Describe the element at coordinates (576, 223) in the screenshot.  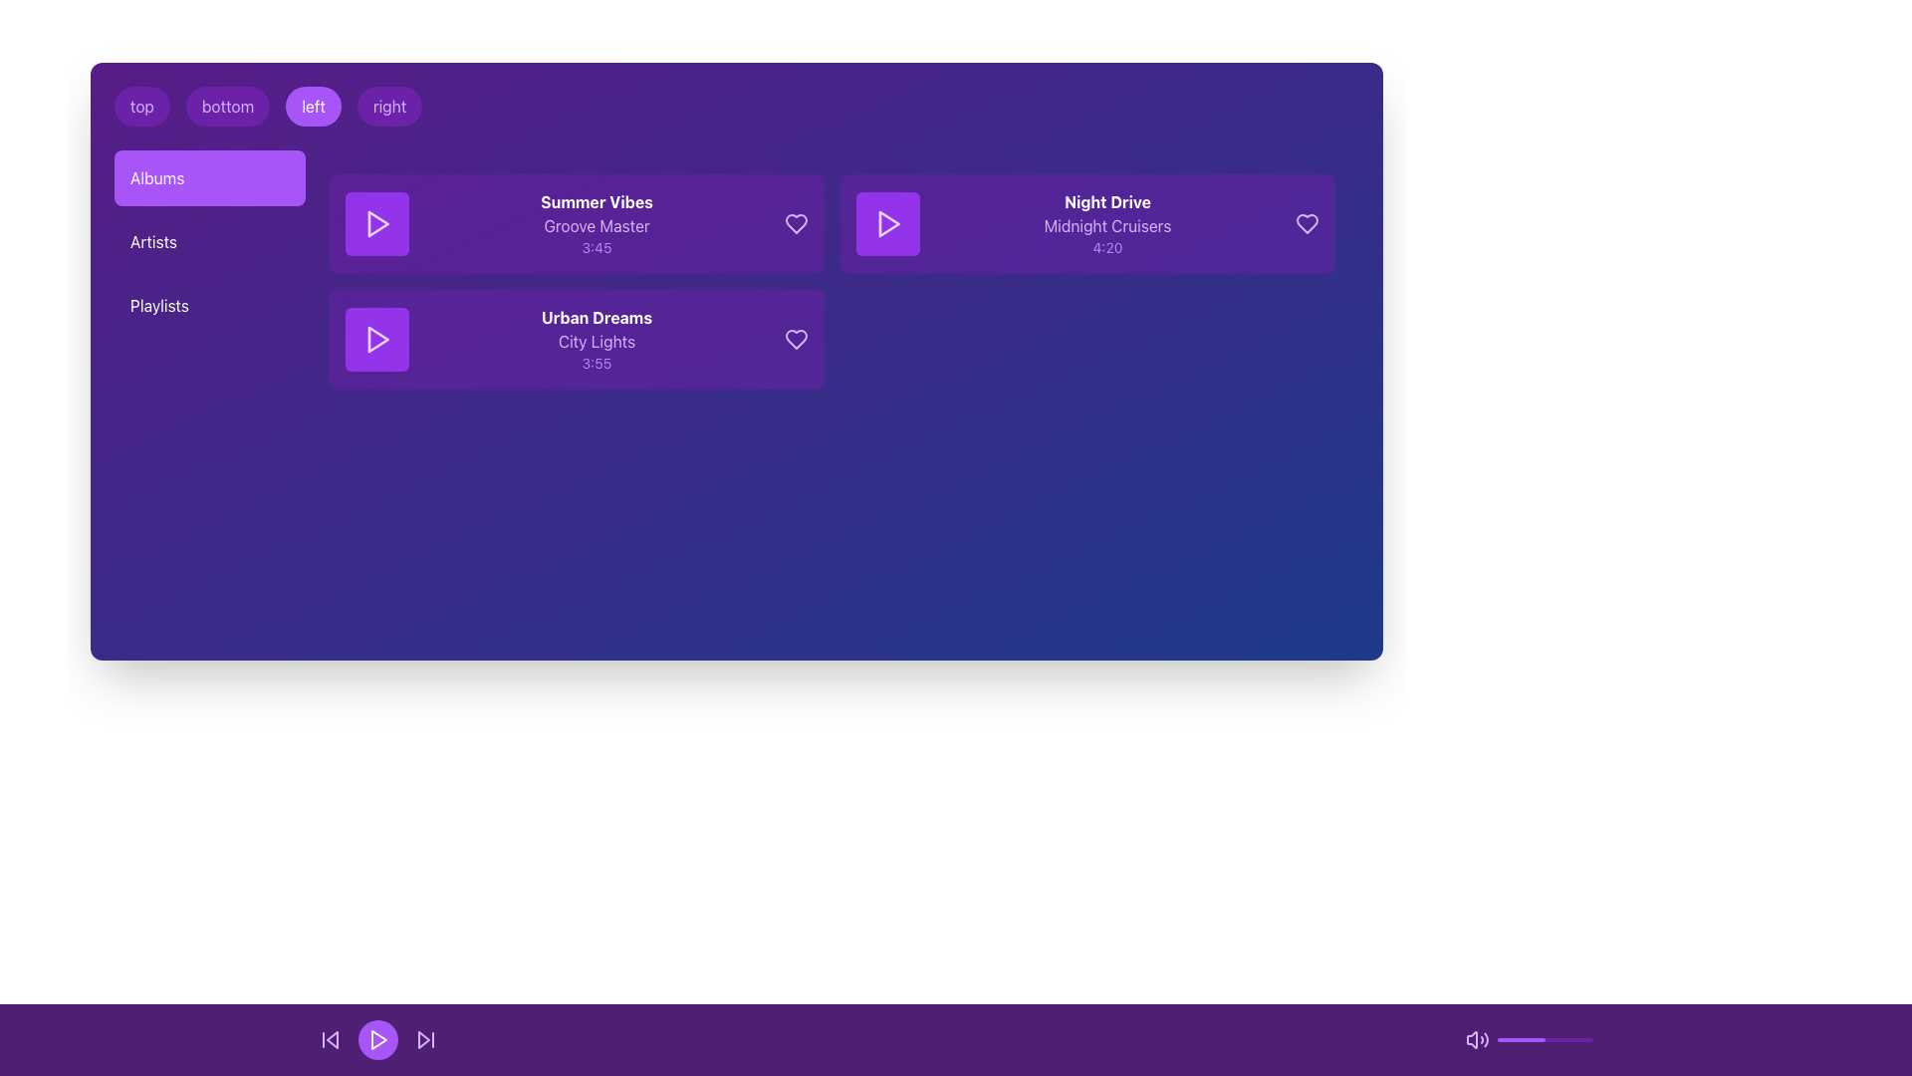
I see `the first music card UI component in the Albums section` at that location.